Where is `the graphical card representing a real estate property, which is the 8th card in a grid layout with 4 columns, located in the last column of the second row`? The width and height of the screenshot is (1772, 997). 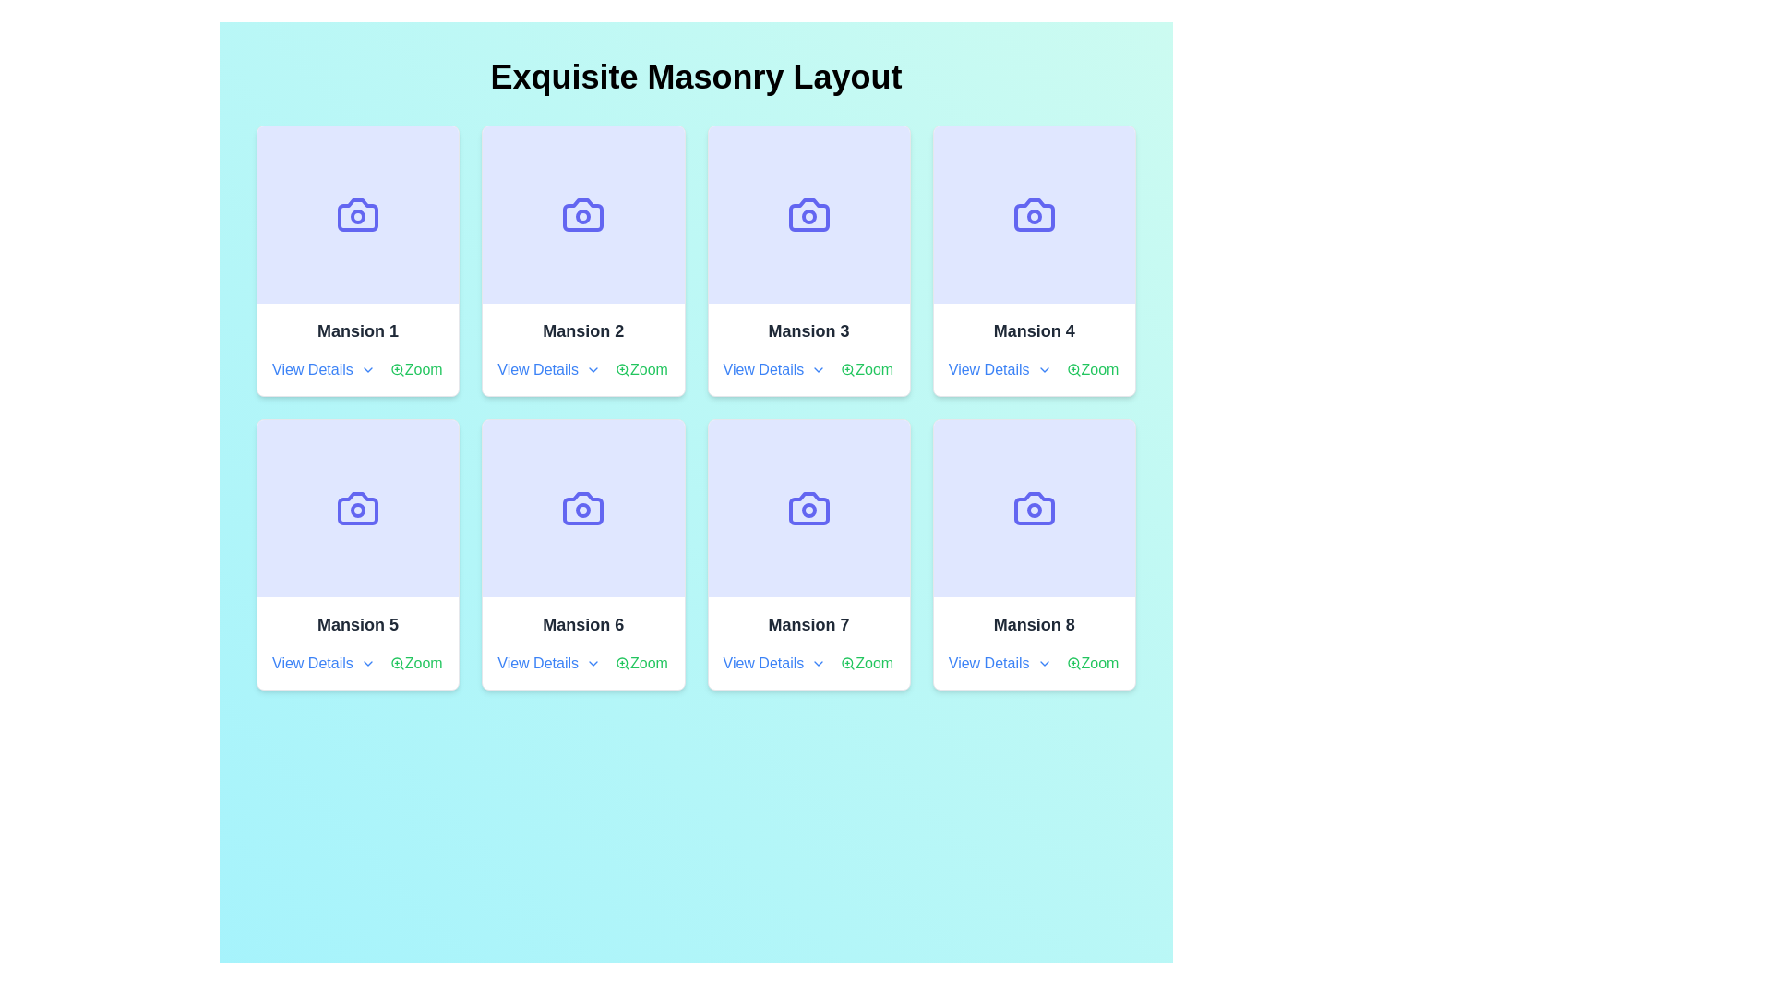 the graphical card representing a real estate property, which is the 8th card in a grid layout with 4 columns, located in the last column of the second row is located at coordinates (1034, 554).